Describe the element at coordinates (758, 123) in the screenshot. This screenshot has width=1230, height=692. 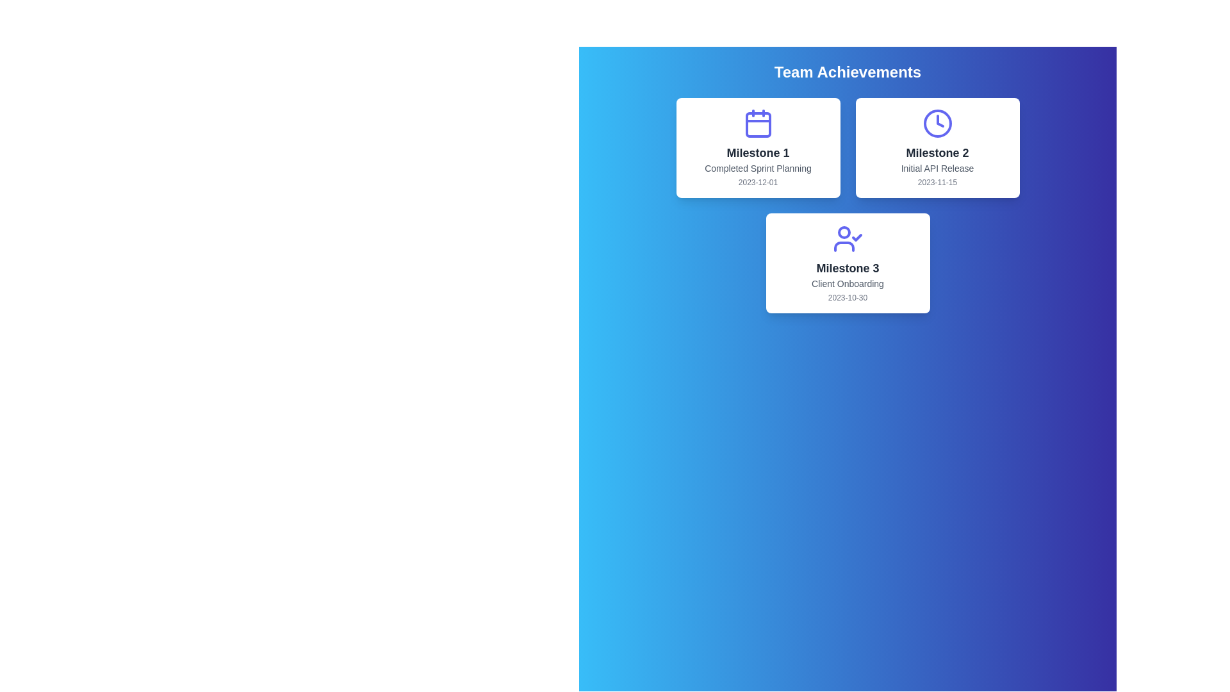
I see `the minimalist indigo calendar icon located at the top center of the card for 'Milestone 1', above the text elements` at that location.